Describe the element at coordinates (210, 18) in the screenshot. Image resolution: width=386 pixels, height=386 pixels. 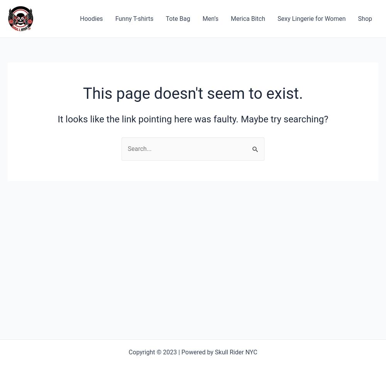
I see `'Men’s'` at that location.